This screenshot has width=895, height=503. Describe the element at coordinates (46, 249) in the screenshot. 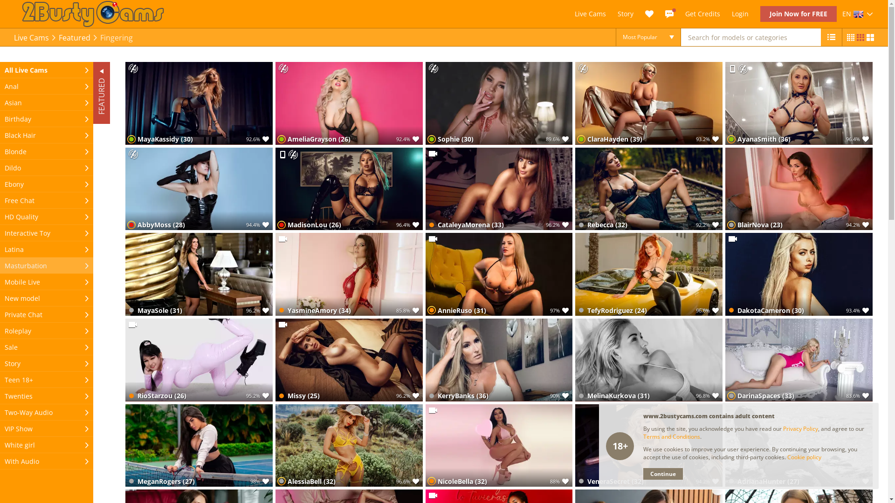

I see `'Latina'` at that location.